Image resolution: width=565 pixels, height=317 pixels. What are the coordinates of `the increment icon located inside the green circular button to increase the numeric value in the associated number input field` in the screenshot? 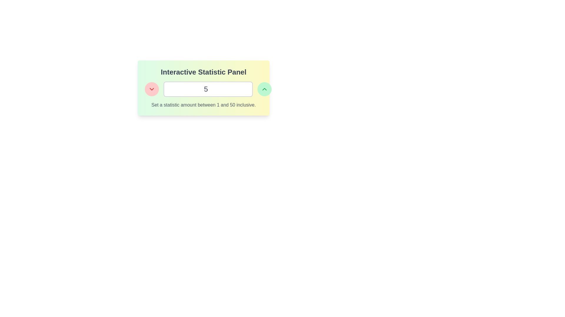 It's located at (264, 89).